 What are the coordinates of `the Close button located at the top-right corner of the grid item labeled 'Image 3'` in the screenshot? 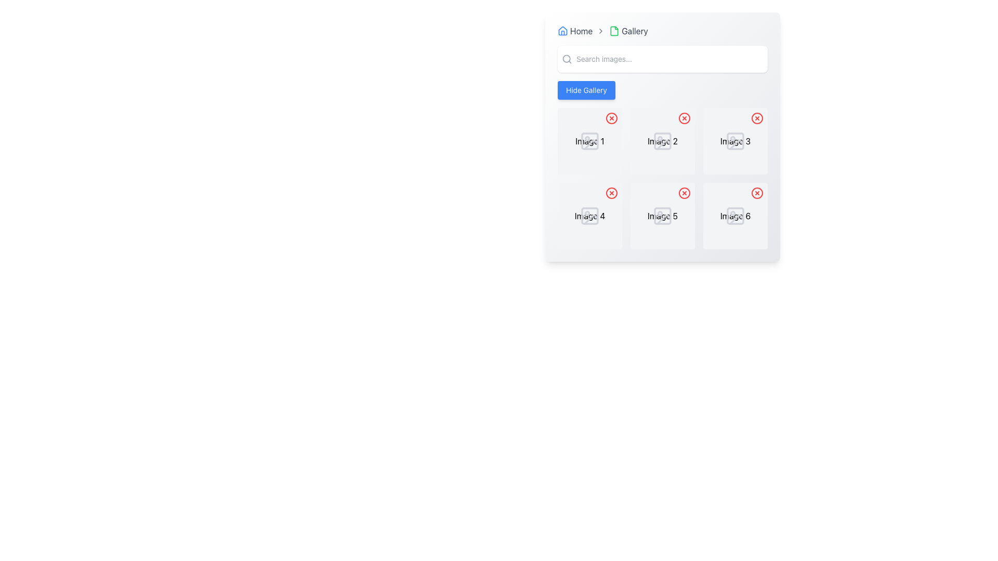 It's located at (757, 117).